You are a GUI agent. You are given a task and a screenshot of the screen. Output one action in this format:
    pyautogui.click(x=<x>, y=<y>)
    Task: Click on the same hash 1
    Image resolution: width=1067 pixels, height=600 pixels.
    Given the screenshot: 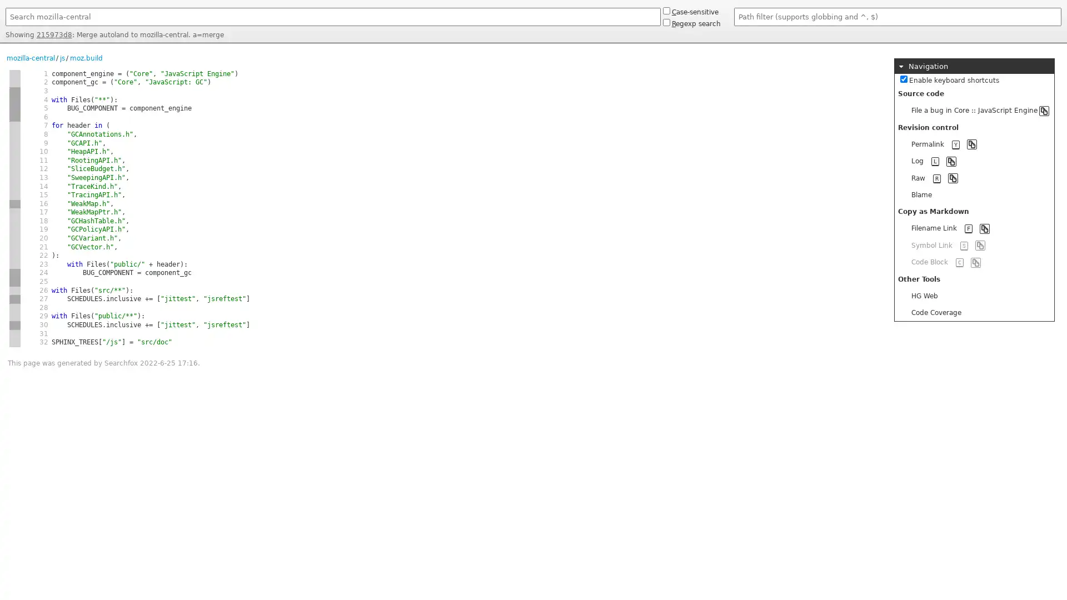 What is the action you would take?
    pyautogui.click(x=15, y=221)
    